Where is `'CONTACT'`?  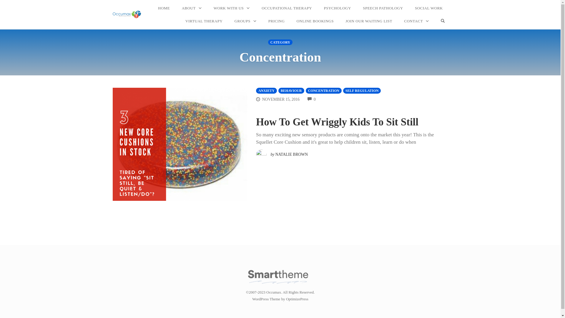
'CONTACT' is located at coordinates (416, 21).